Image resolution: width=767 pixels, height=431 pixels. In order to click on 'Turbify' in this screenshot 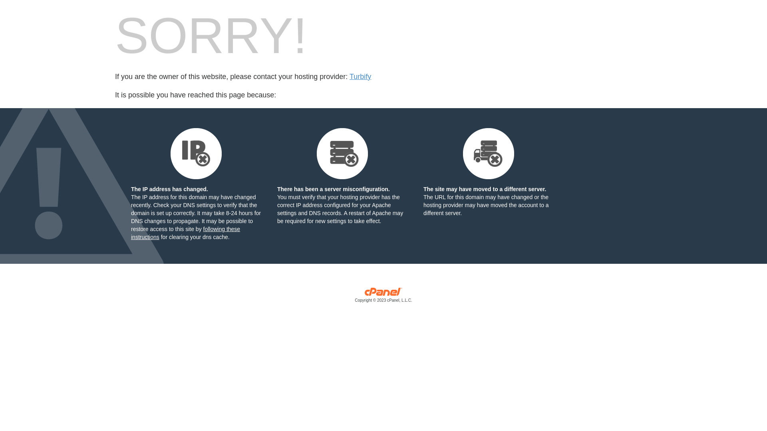, I will do `click(360, 77)`.